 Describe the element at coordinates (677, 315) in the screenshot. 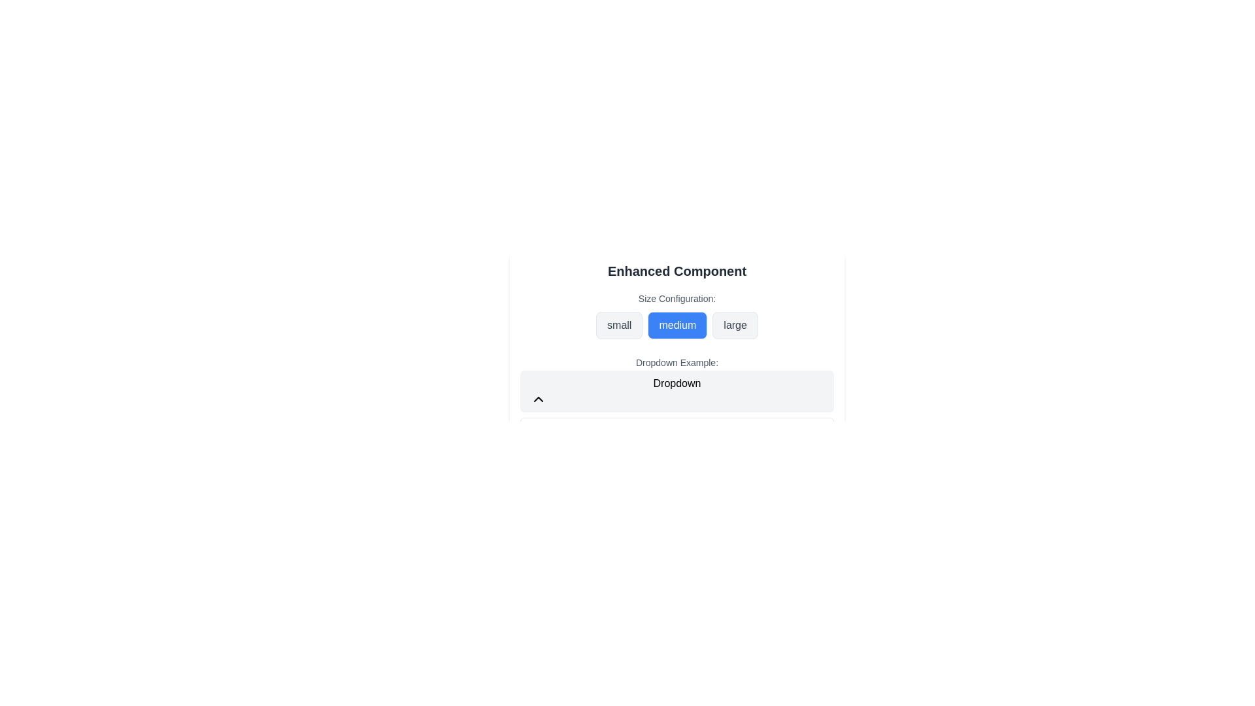

I see `the 'medium' size configuration button located under the 'Size Configuration' header` at that location.